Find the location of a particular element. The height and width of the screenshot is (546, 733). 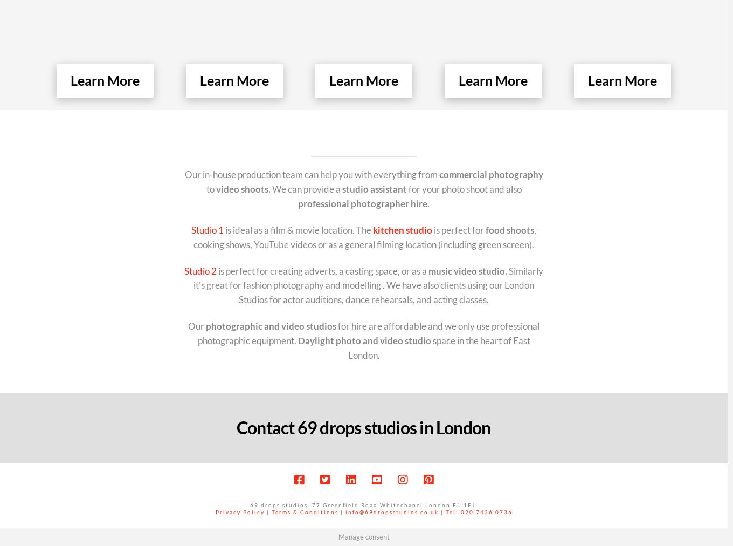

'for your photo shoot and also' is located at coordinates (463, 188).